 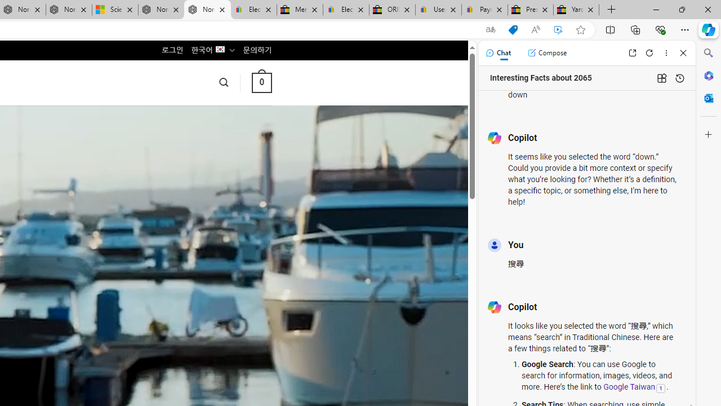 What do you see at coordinates (660, 29) in the screenshot?
I see `'Browser essentials'` at bounding box center [660, 29].